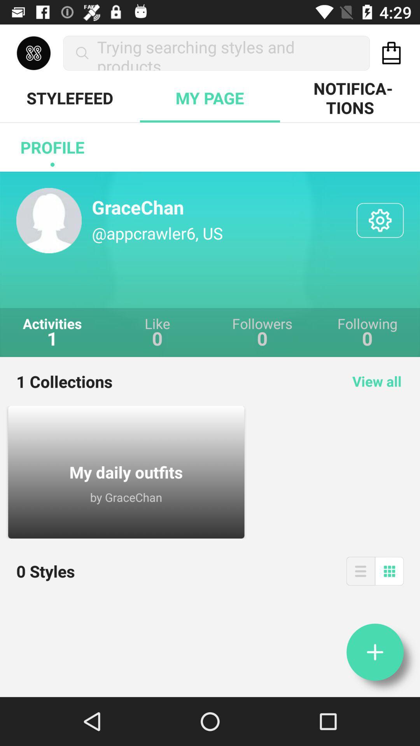 This screenshot has width=420, height=746. Describe the element at coordinates (360, 571) in the screenshot. I see `open expanded menu` at that location.